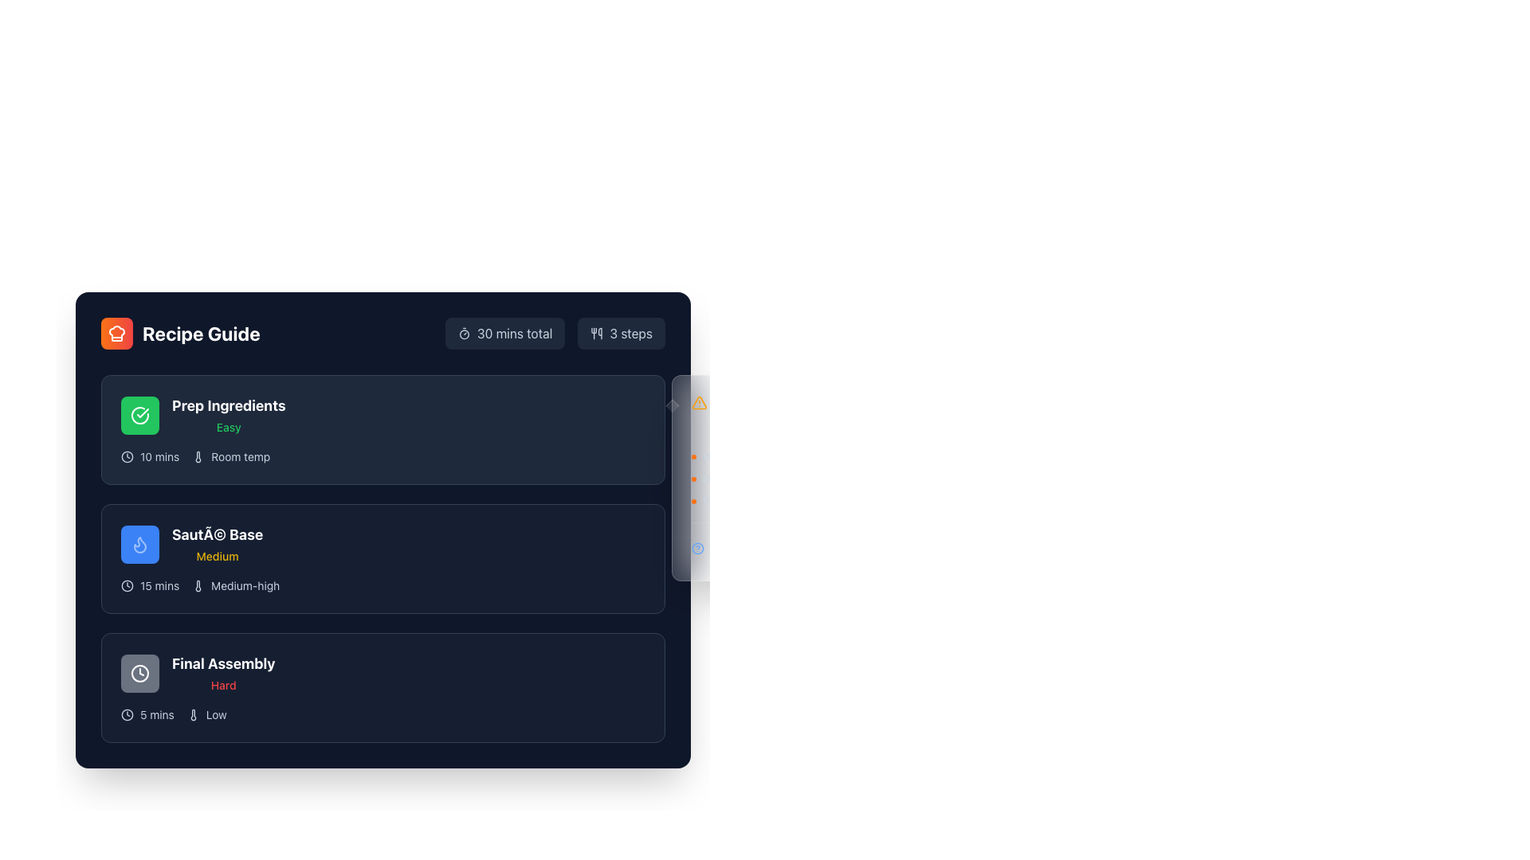 The width and height of the screenshot is (1530, 860). I want to click on the Text Label indicating the estimated duration for the 'Final Assembly' task, which is located in the 'Final Assembly' section, aligned horizontally with a clock icon, so click(157, 714).